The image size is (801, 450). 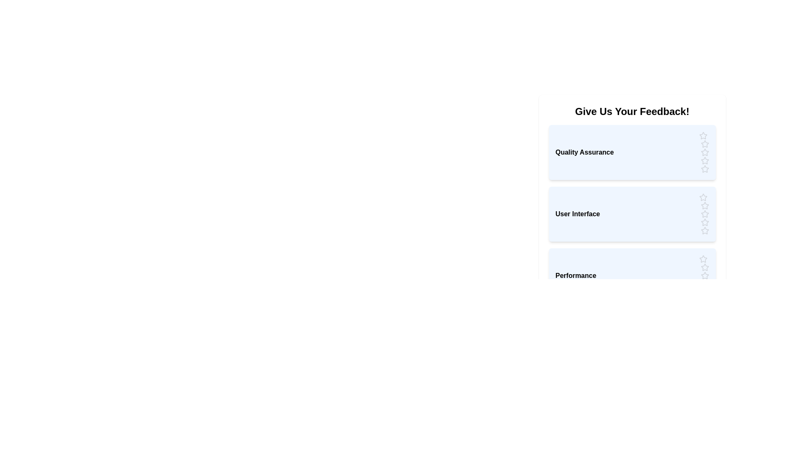 I want to click on the rating for the category 'Performance' to 2 stars, so click(x=704, y=267).